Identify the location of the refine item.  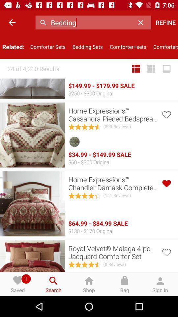
(165, 22).